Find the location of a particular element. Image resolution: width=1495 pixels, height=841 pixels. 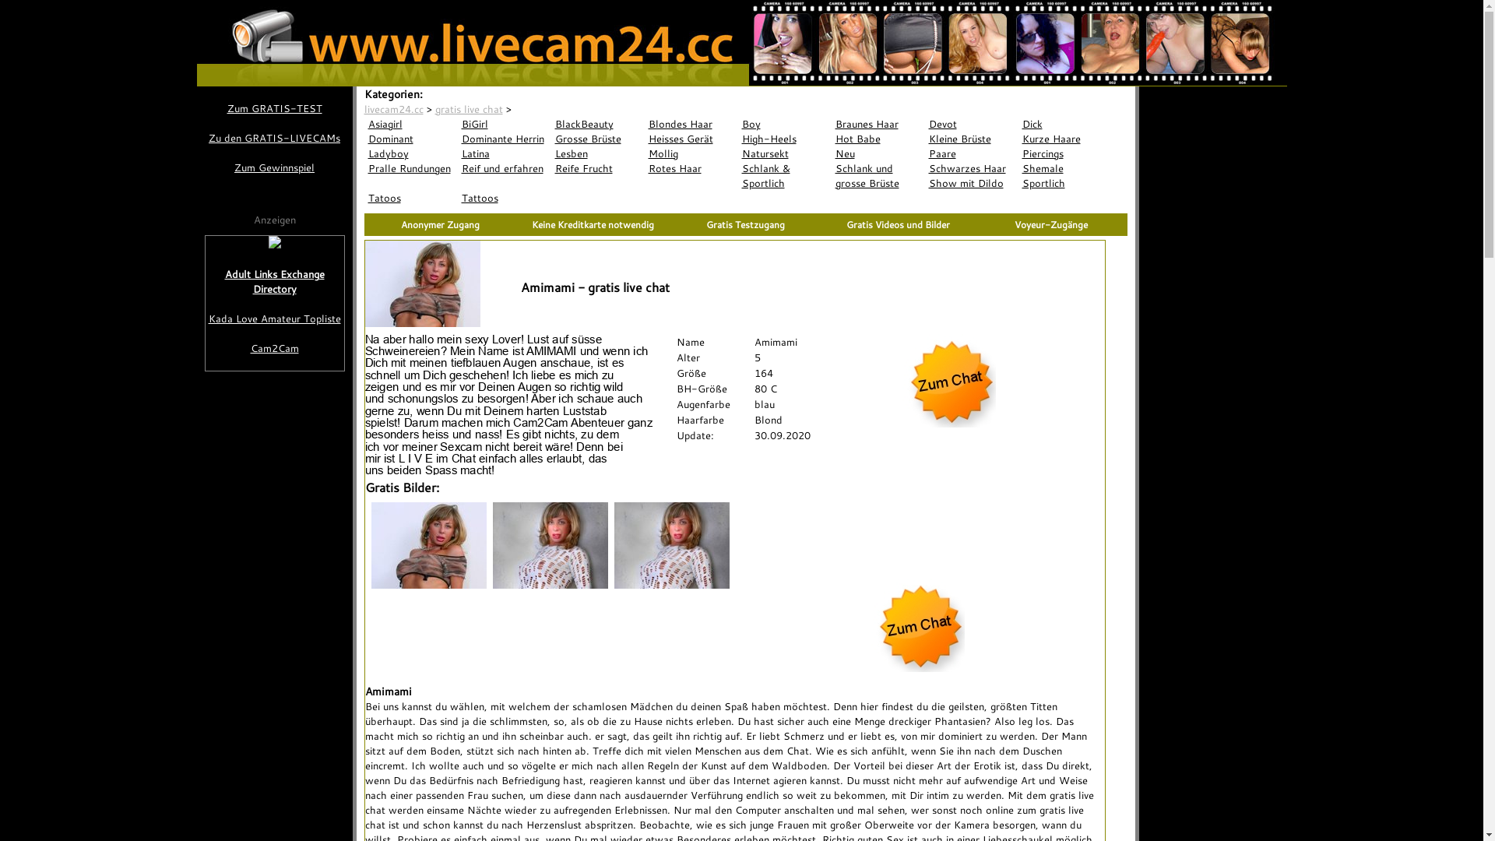

'Sportlich' is located at coordinates (1064, 182).